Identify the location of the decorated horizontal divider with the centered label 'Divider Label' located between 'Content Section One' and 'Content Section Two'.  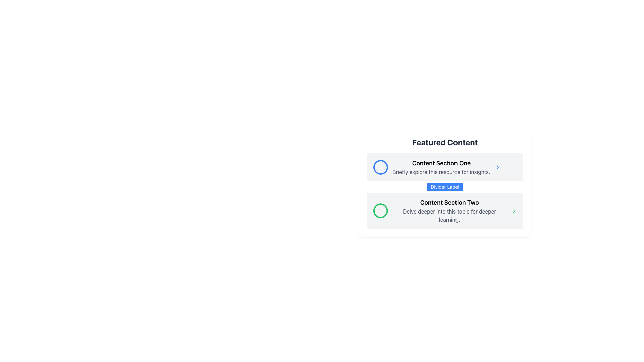
(445, 187).